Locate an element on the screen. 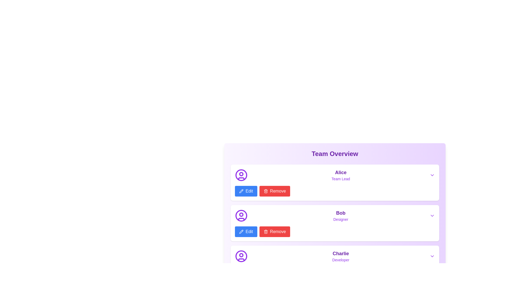 This screenshot has width=512, height=288. the user profile card is located at coordinates (335, 263).